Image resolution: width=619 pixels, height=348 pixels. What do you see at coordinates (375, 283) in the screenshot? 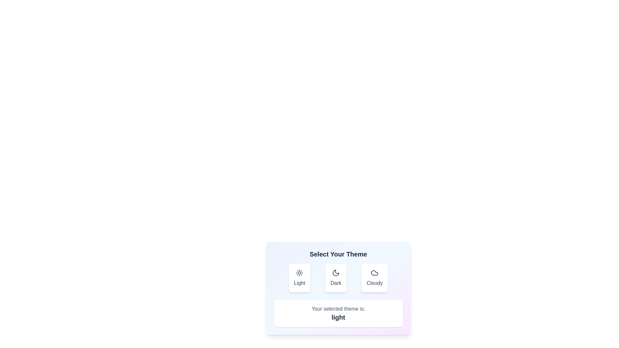
I see `the text label displaying 'Cloudy', which is in medium font weight and gray color, located below a cloud icon in a vertically stacked group` at bounding box center [375, 283].